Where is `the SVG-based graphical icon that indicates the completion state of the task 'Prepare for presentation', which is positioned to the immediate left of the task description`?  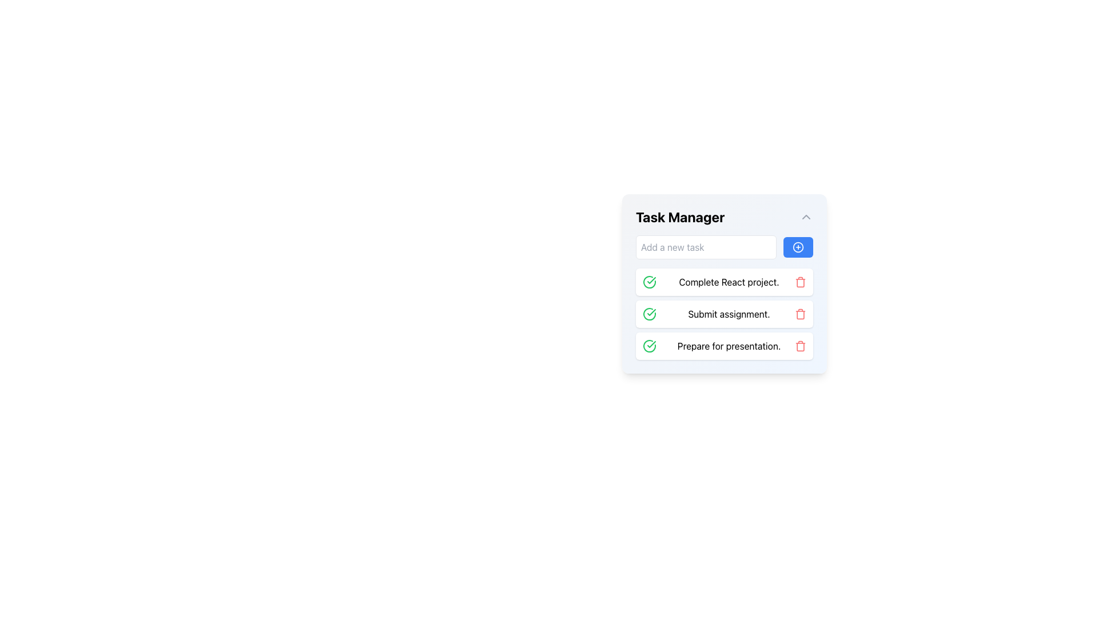
the SVG-based graphical icon that indicates the completion state of the task 'Prepare for presentation', which is positioned to the immediate left of the task description is located at coordinates (650, 345).